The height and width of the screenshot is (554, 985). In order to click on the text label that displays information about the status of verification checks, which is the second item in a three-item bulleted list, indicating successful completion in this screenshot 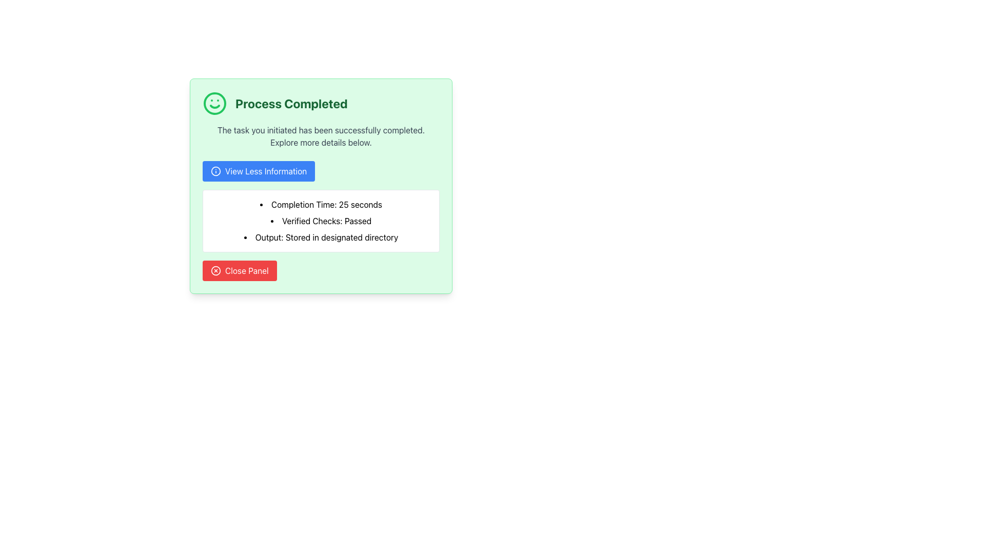, I will do `click(320, 221)`.